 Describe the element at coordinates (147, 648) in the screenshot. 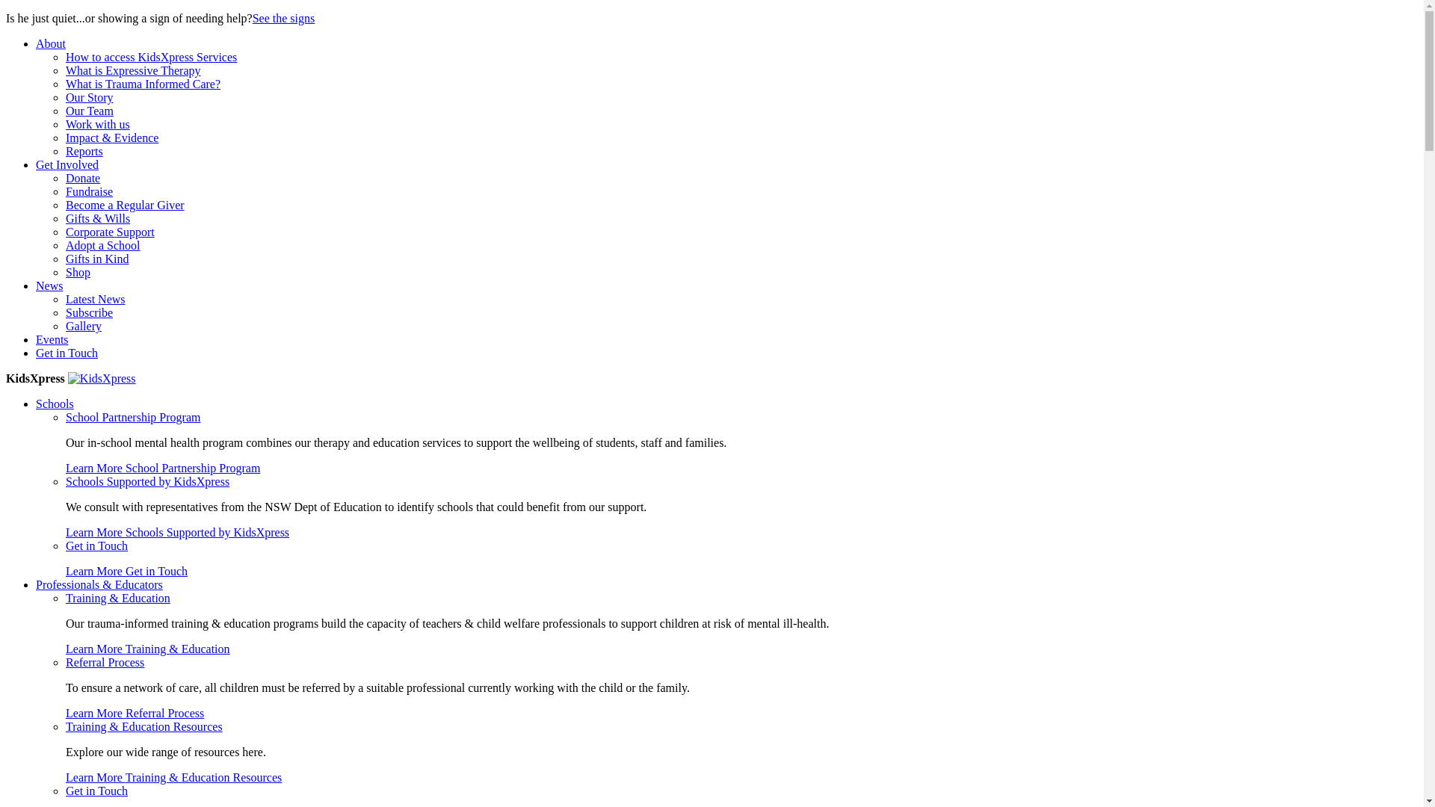

I see `'Learn More Training & Education'` at that location.